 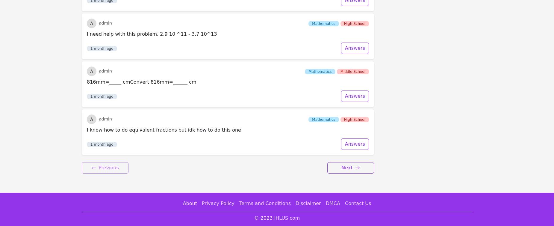 I want to click on 'Previous', so click(x=98, y=103).